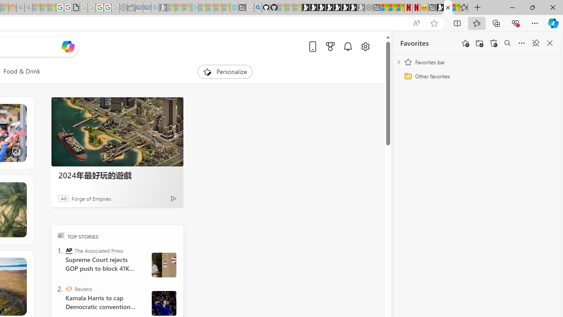 The width and height of the screenshot is (563, 317). Describe the element at coordinates (225, 71) in the screenshot. I see `'Personalize'` at that location.